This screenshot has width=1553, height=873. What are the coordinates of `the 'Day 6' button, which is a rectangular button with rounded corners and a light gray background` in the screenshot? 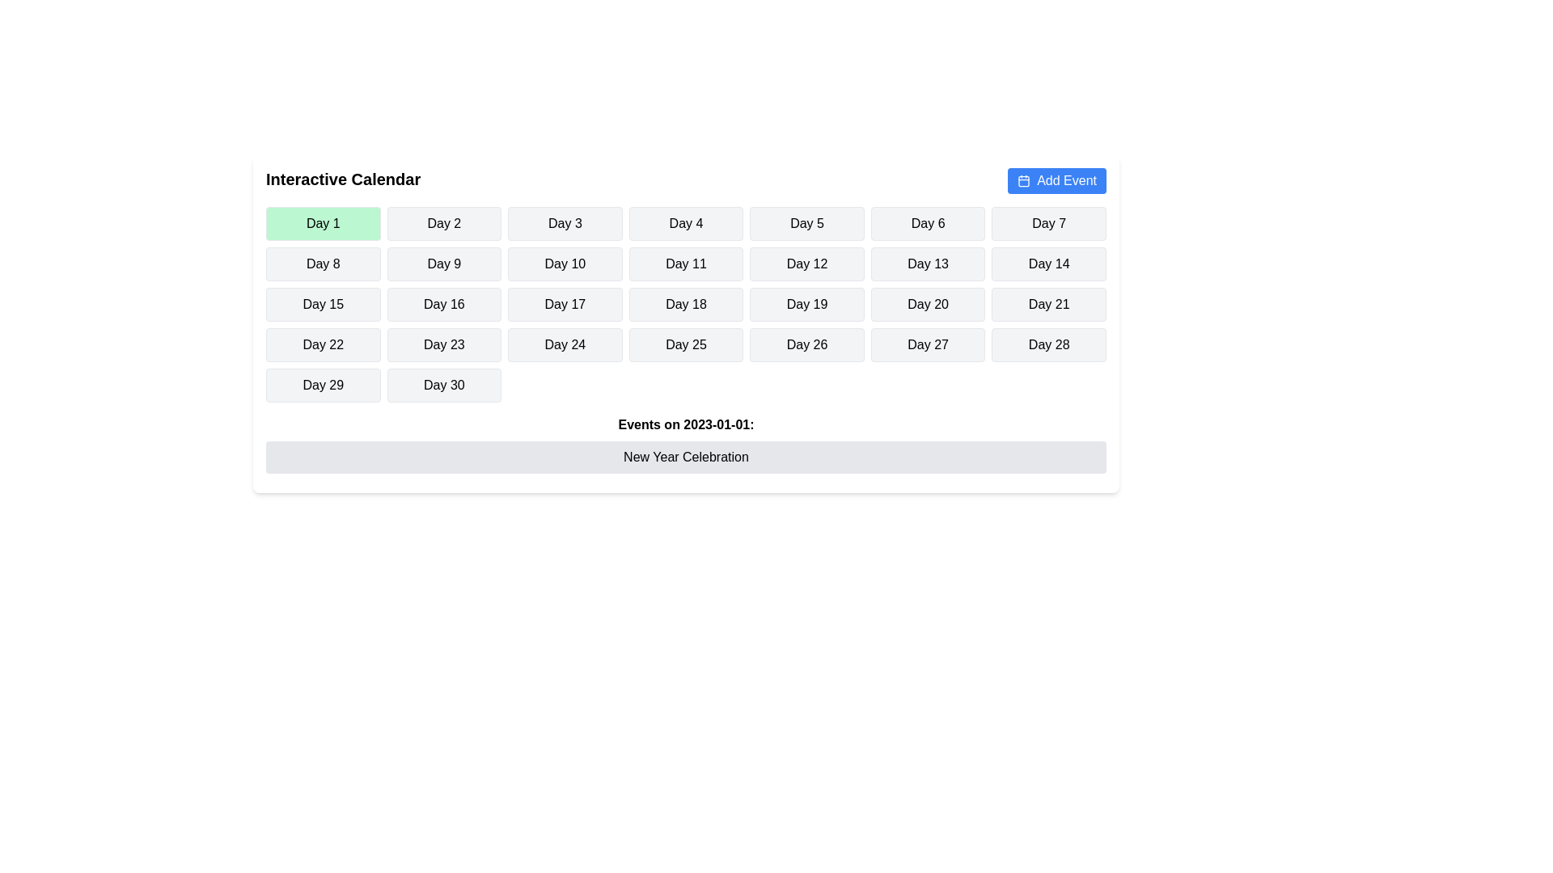 It's located at (928, 224).